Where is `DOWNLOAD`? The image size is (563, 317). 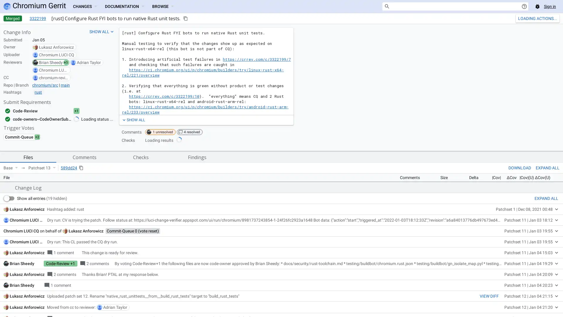 DOWNLOAD is located at coordinates (520, 168).